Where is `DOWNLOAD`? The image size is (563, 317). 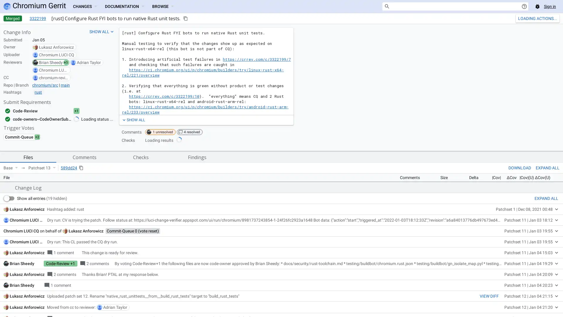 DOWNLOAD is located at coordinates (520, 168).